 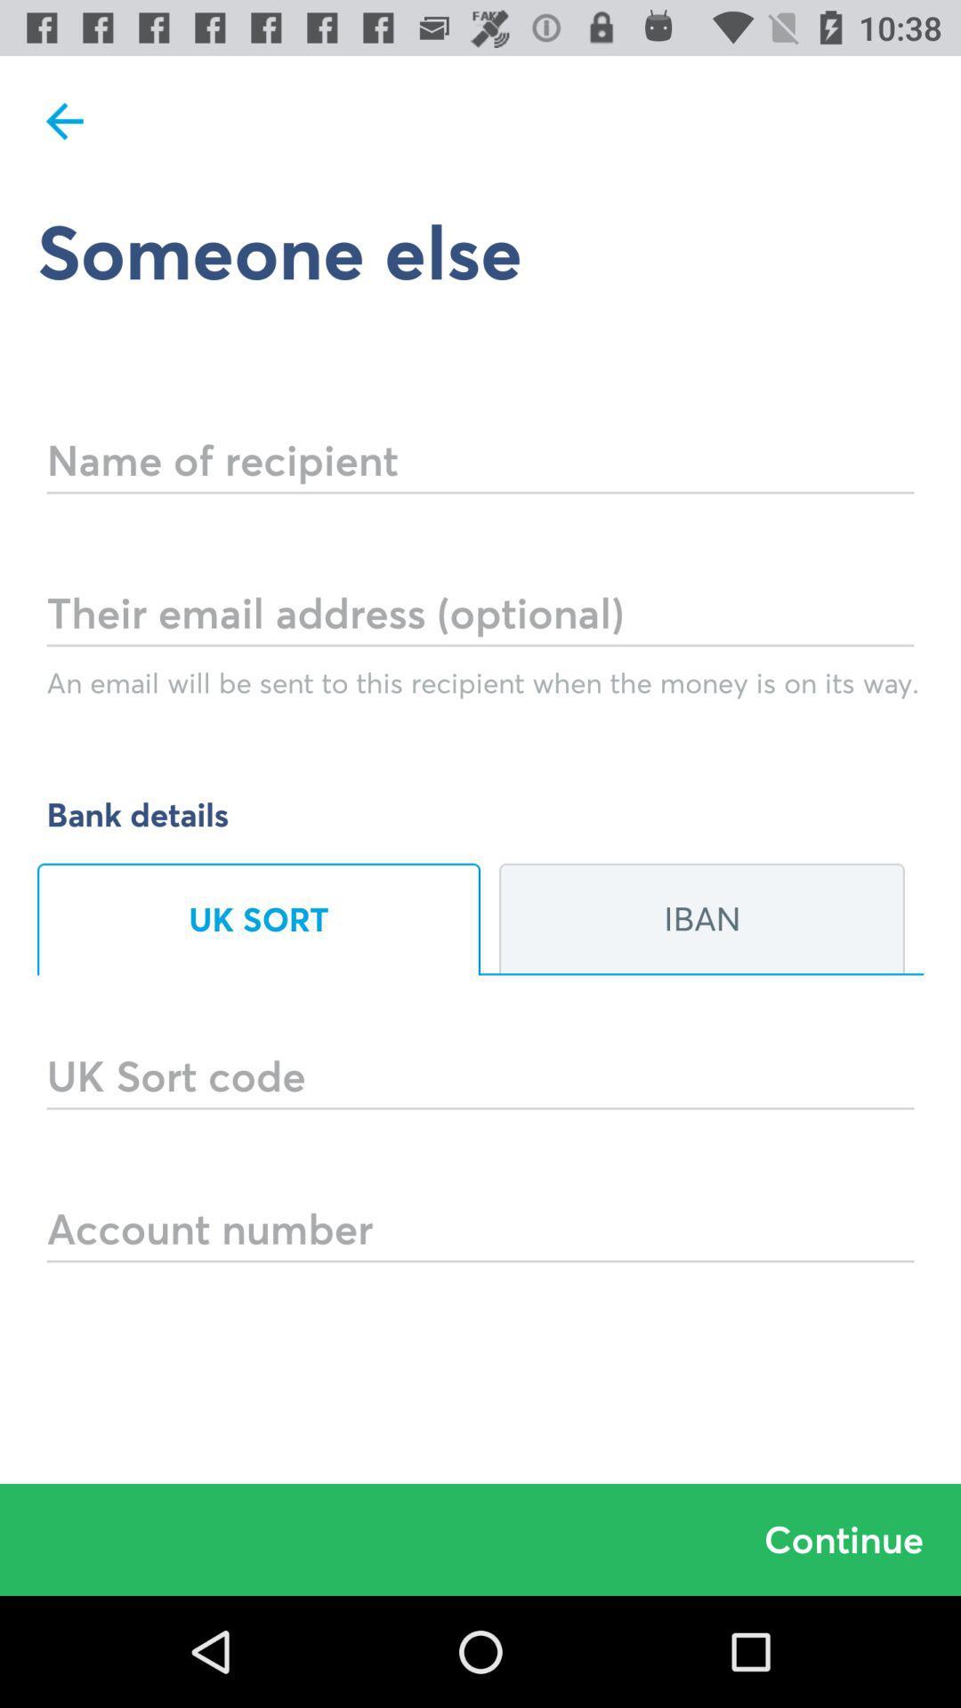 I want to click on iban on the right, so click(x=701, y=919).